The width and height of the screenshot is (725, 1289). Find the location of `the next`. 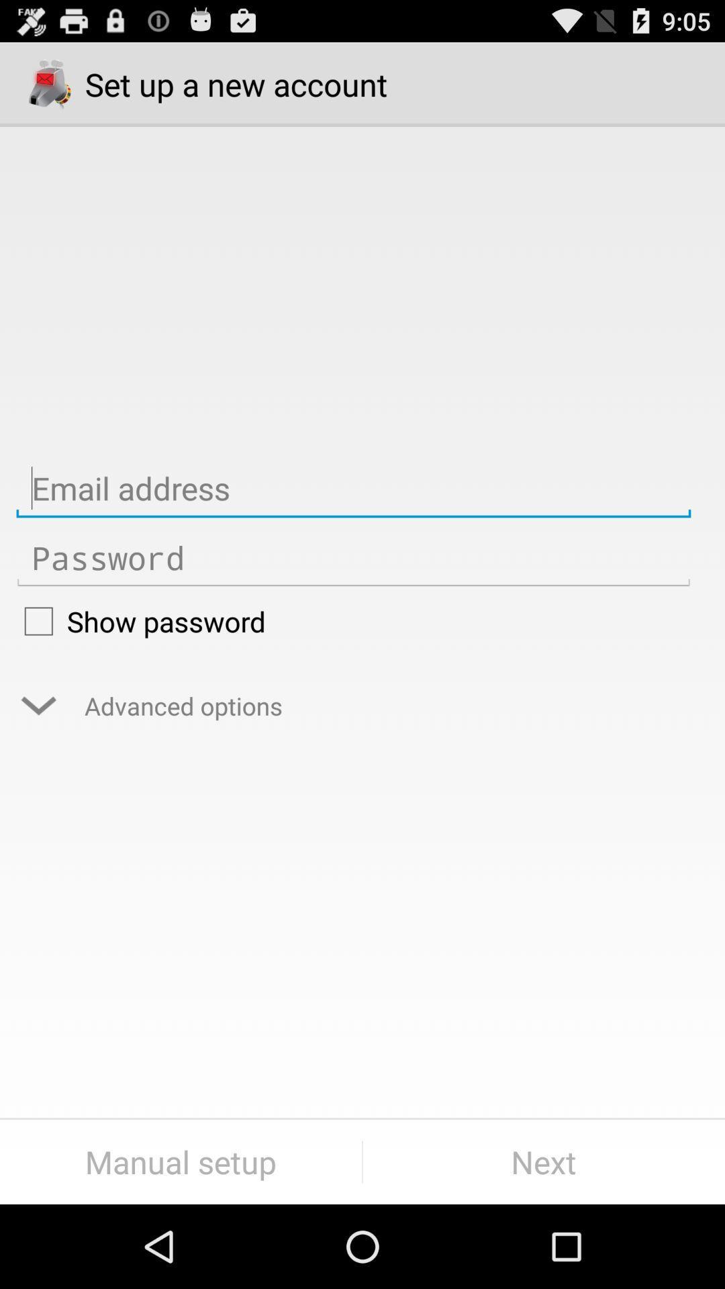

the next is located at coordinates (544, 1161).